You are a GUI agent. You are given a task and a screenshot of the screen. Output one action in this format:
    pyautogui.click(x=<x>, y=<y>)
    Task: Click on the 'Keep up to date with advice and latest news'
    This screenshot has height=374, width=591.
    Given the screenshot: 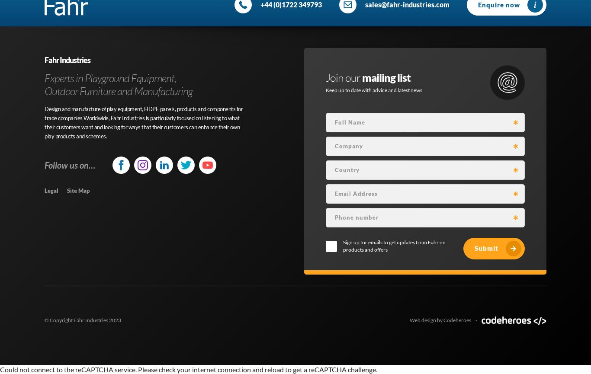 What is the action you would take?
    pyautogui.click(x=373, y=90)
    